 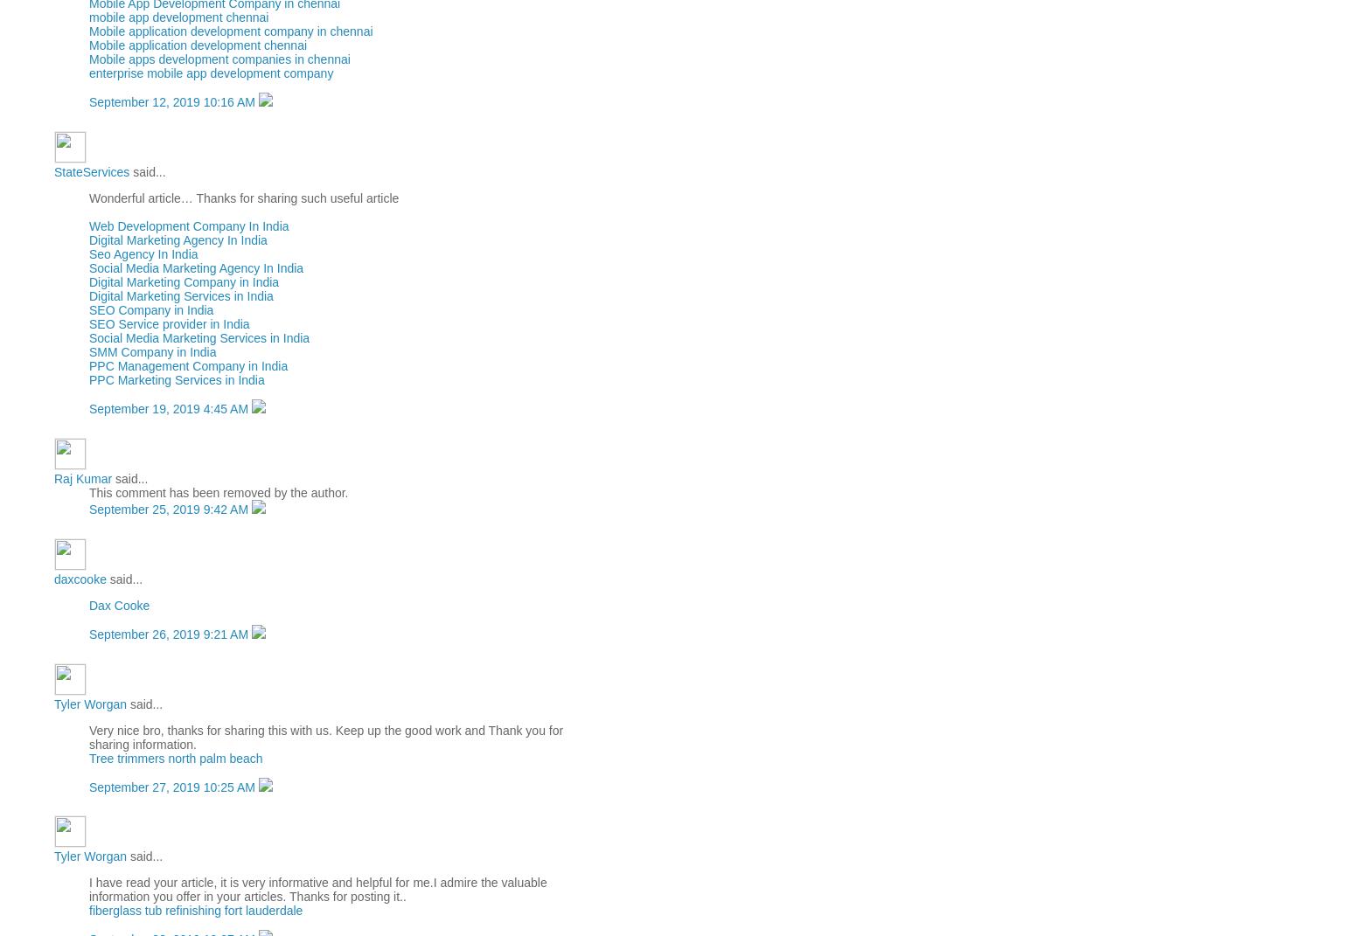 I want to click on 'SEO Company in India', so click(x=151, y=309).